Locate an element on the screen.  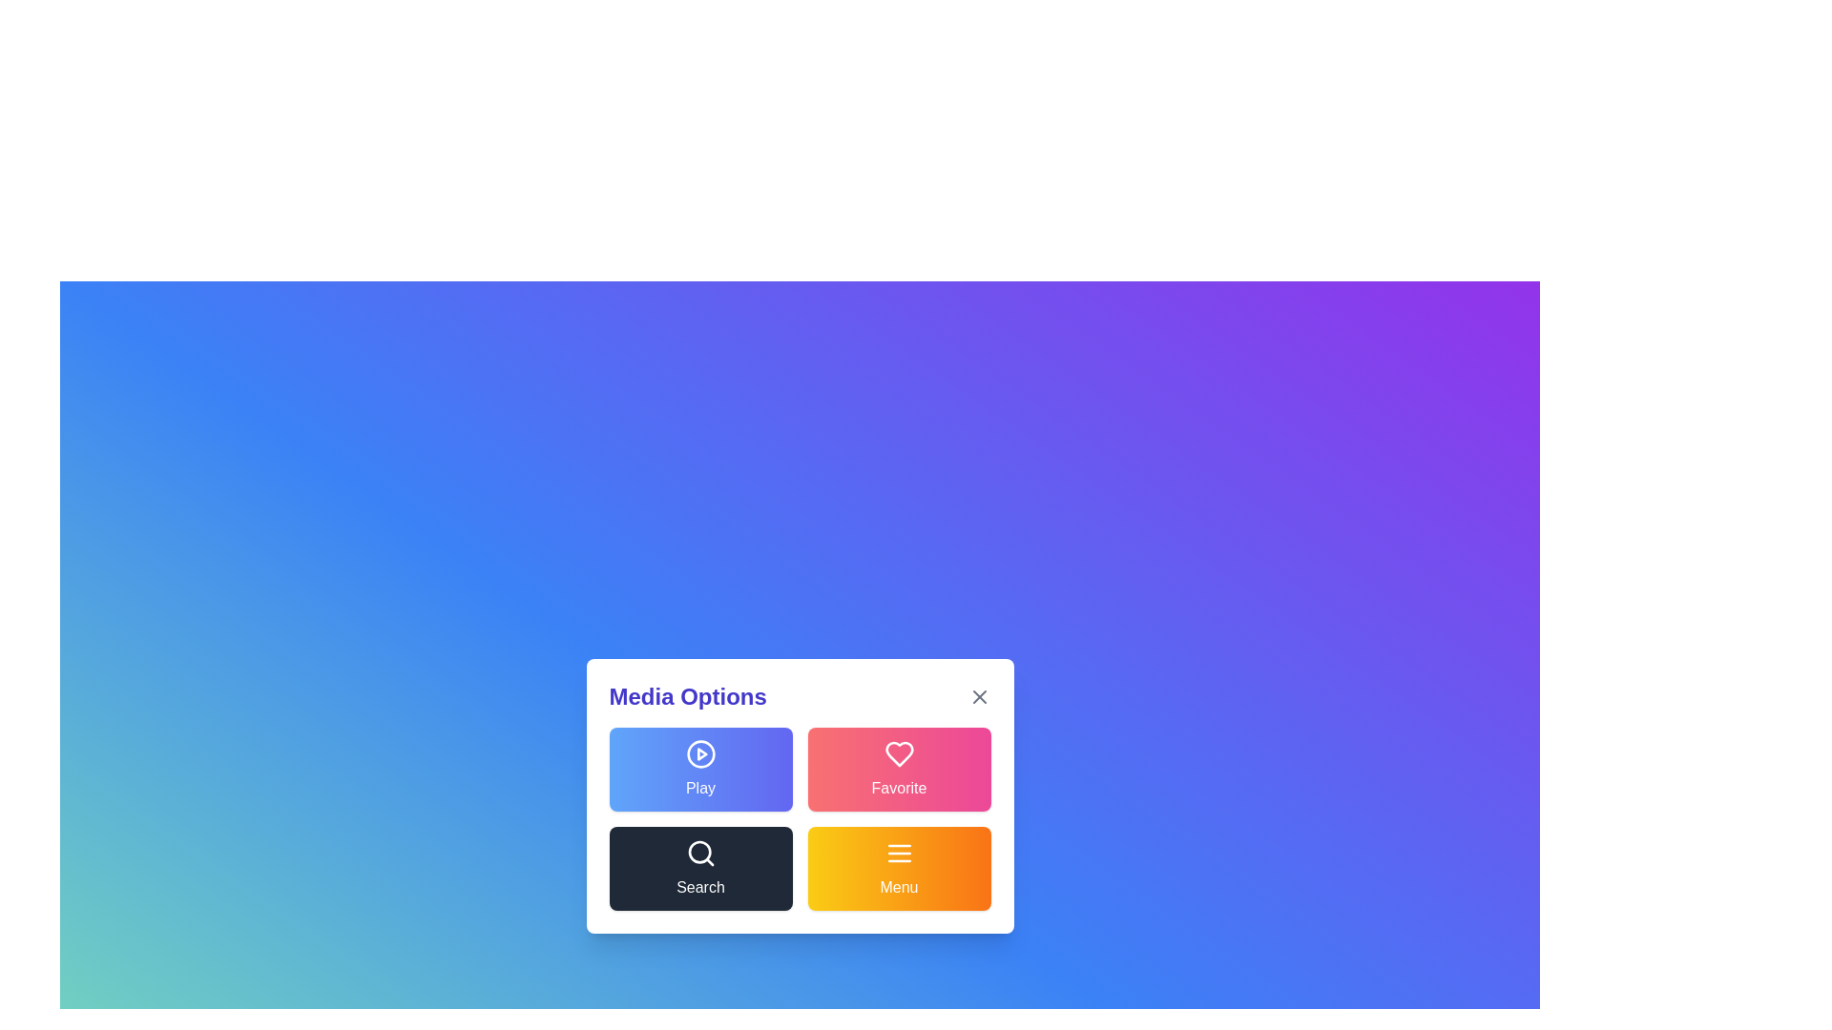
the menu icon is located at coordinates (898, 852).